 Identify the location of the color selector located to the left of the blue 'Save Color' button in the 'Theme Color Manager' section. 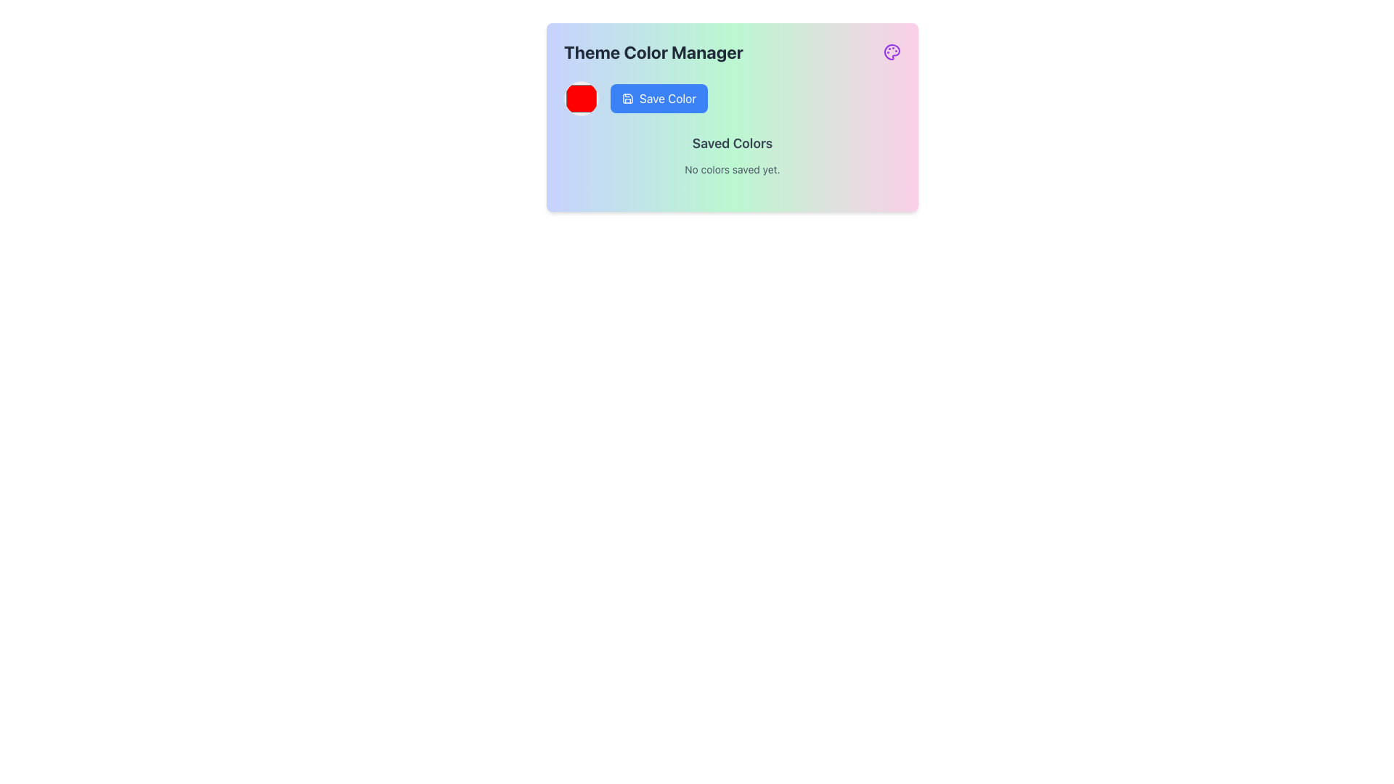
(582, 98).